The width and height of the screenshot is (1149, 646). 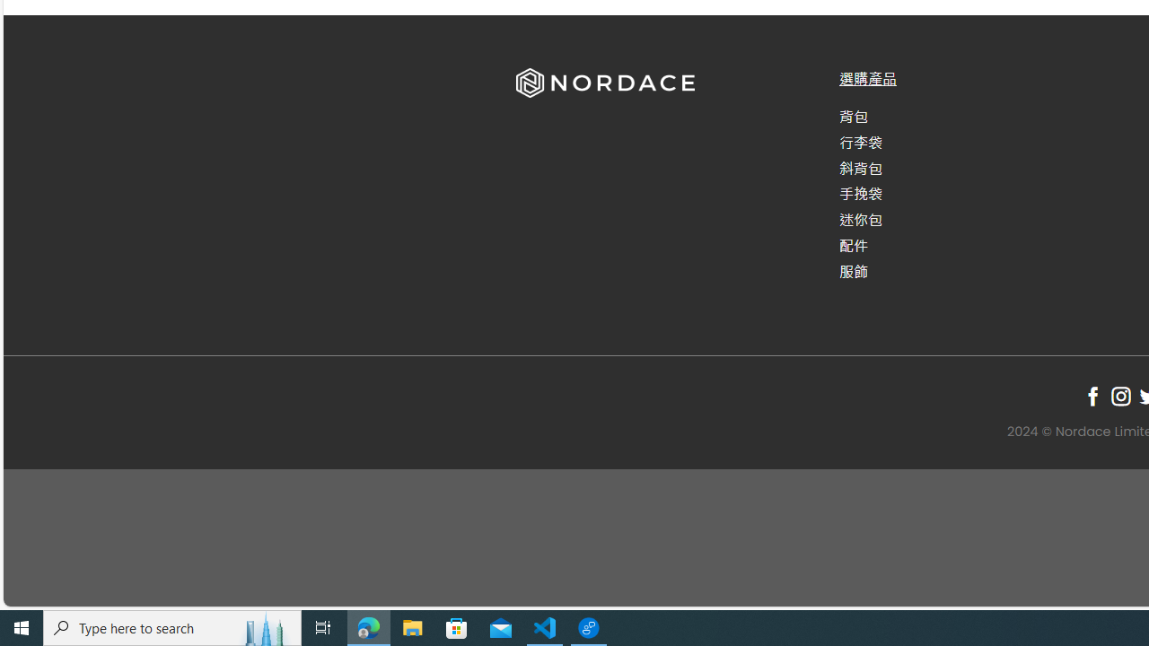 What do you see at coordinates (1092, 395) in the screenshot?
I see `'Follow on Facebook'` at bounding box center [1092, 395].